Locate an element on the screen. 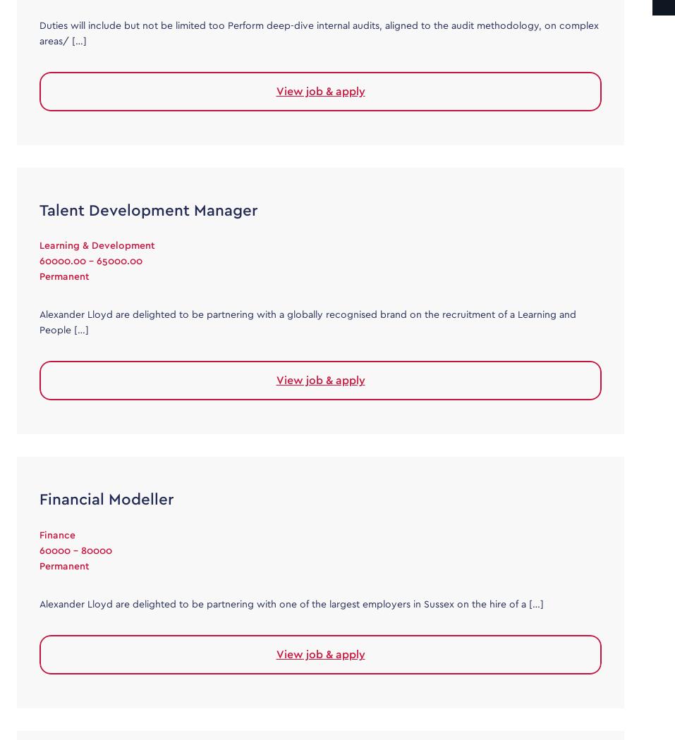 This screenshot has width=675, height=740. 'Duties will include but not be limited too Perform deep-dive internal audits, aligned to the audit methodology, on complex areas/ […]' is located at coordinates (318, 32).